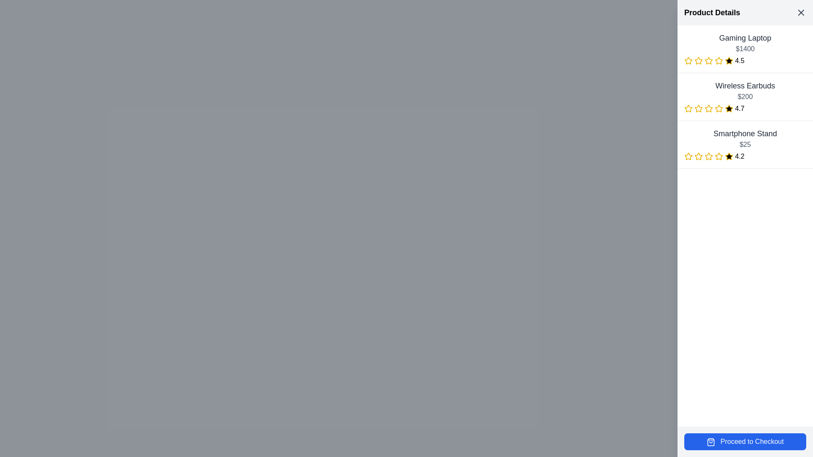 The width and height of the screenshot is (813, 457). Describe the element at coordinates (709, 108) in the screenshot. I see `the fourth star icon in the five-star rating system for the product 'Wireless Earbuds' to assess the indicated rating level` at that location.